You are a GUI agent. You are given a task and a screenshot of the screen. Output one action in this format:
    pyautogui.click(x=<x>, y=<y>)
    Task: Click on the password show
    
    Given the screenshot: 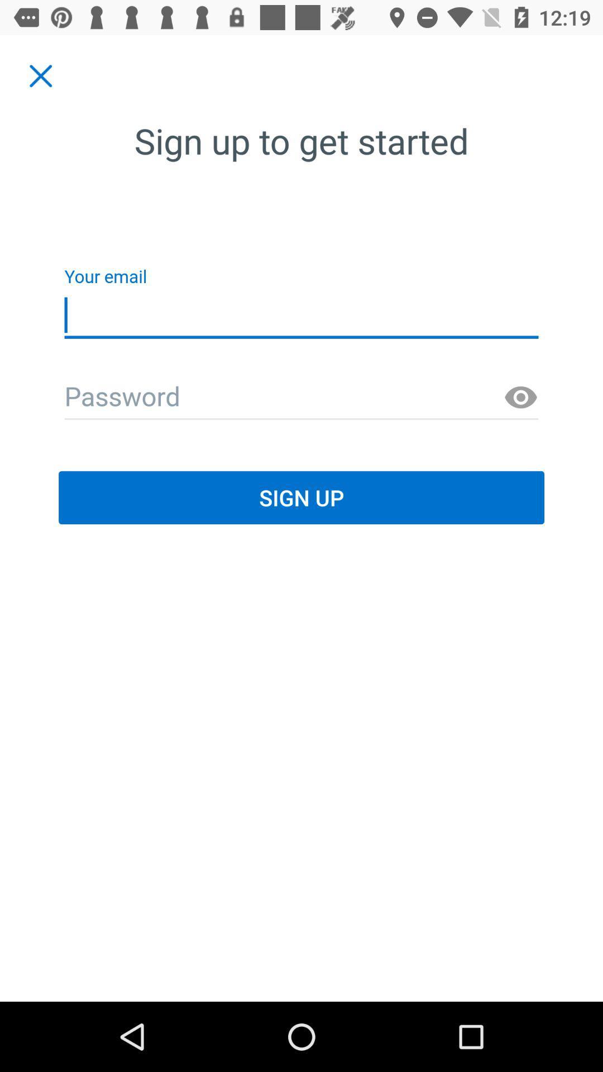 What is the action you would take?
    pyautogui.click(x=521, y=398)
    